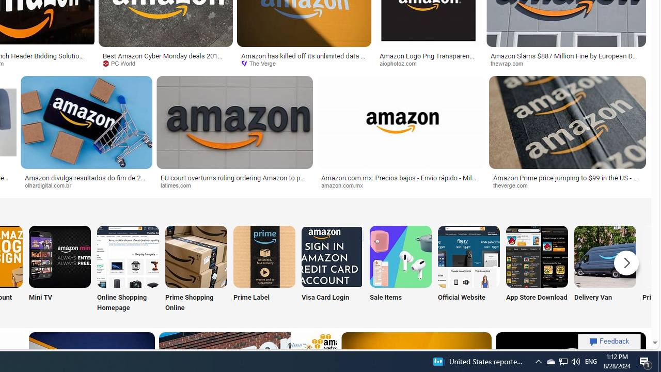 This screenshot has height=372, width=661. What do you see at coordinates (468, 269) in the screenshot?
I see `'Official Website'` at bounding box center [468, 269].